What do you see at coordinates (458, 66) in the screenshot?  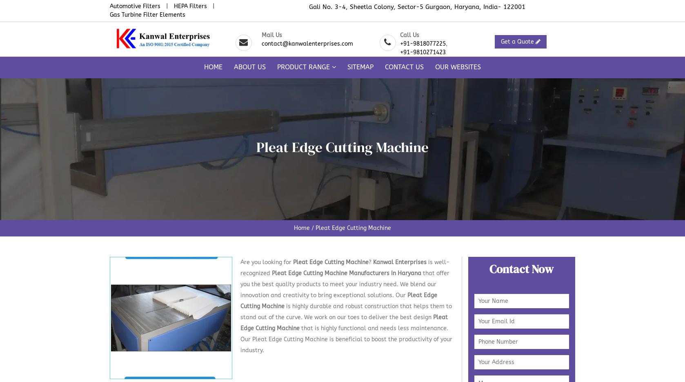 I see `'Our Websites'` at bounding box center [458, 66].